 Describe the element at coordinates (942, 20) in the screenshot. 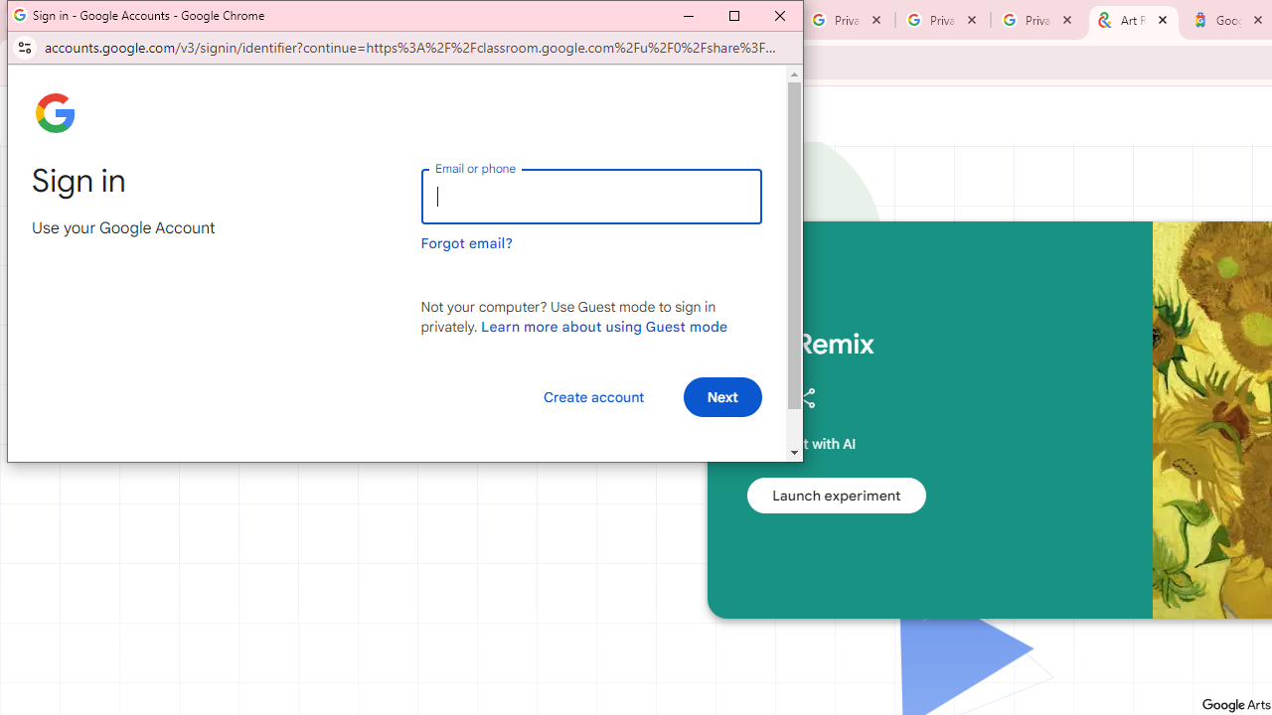

I see `'Privacy Checkup'` at that location.